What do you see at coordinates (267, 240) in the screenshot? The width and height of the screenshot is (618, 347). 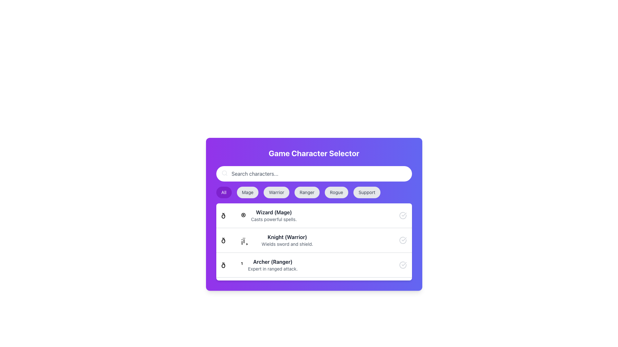 I see `the 'Knight (Warrior)' character class text display element in the Game Character Selector, which is styled and located in the middle of the list, below the 'Wizard (Mage)' option` at bounding box center [267, 240].